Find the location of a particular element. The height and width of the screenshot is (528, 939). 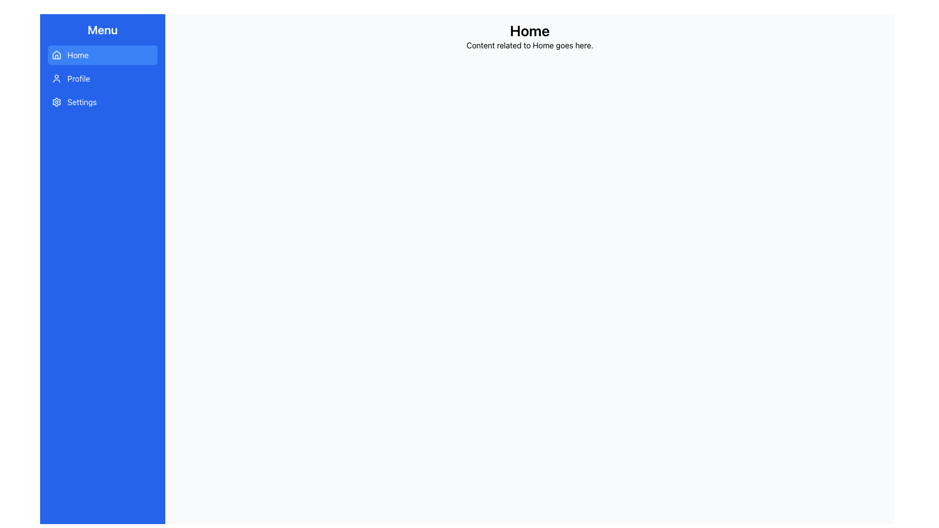

the 'Menu' text label displayed in white, bold font on a blue rectangular background, located at the top left of the blue sidebar is located at coordinates (103, 29).